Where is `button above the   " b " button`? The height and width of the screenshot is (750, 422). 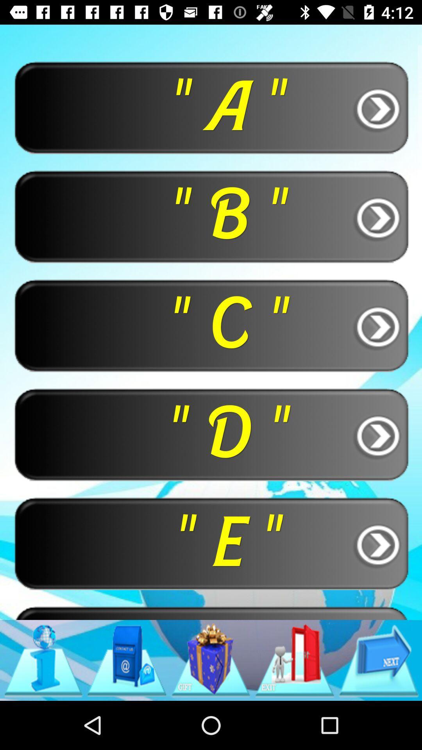 button above the   " b " button is located at coordinates (211, 107).